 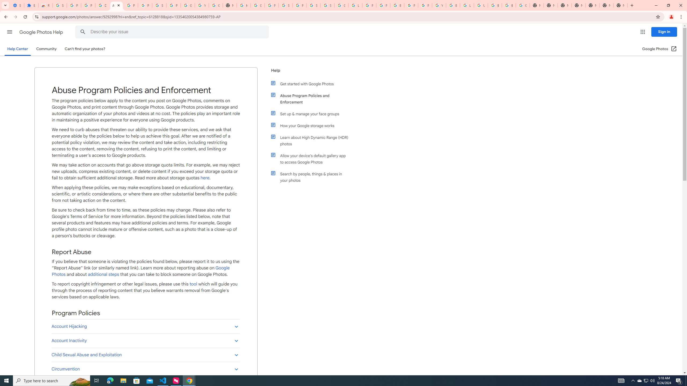 What do you see at coordinates (312, 140) in the screenshot?
I see `'Learn about High Dynamic Range (HDR) photos'` at bounding box center [312, 140].